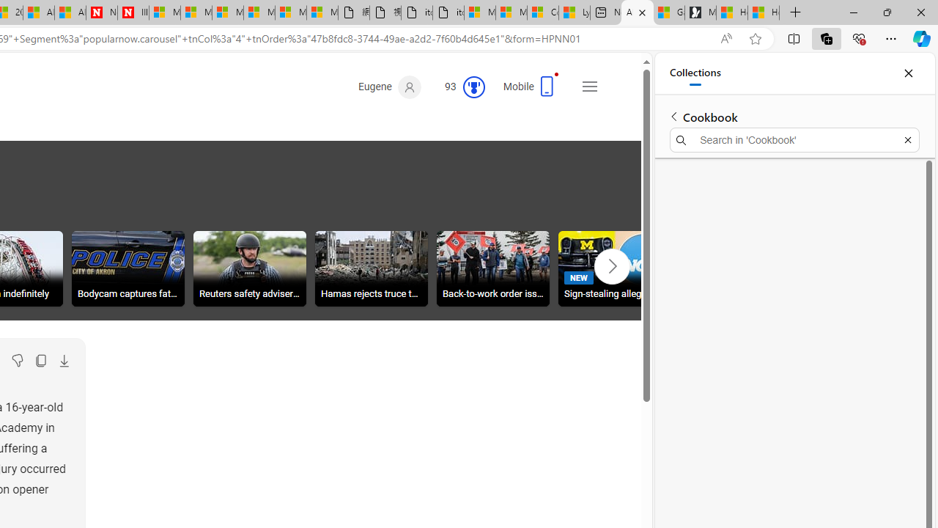  Describe the element at coordinates (637, 12) in the screenshot. I see `'Alabama high school quarterback dies - Search'` at that location.